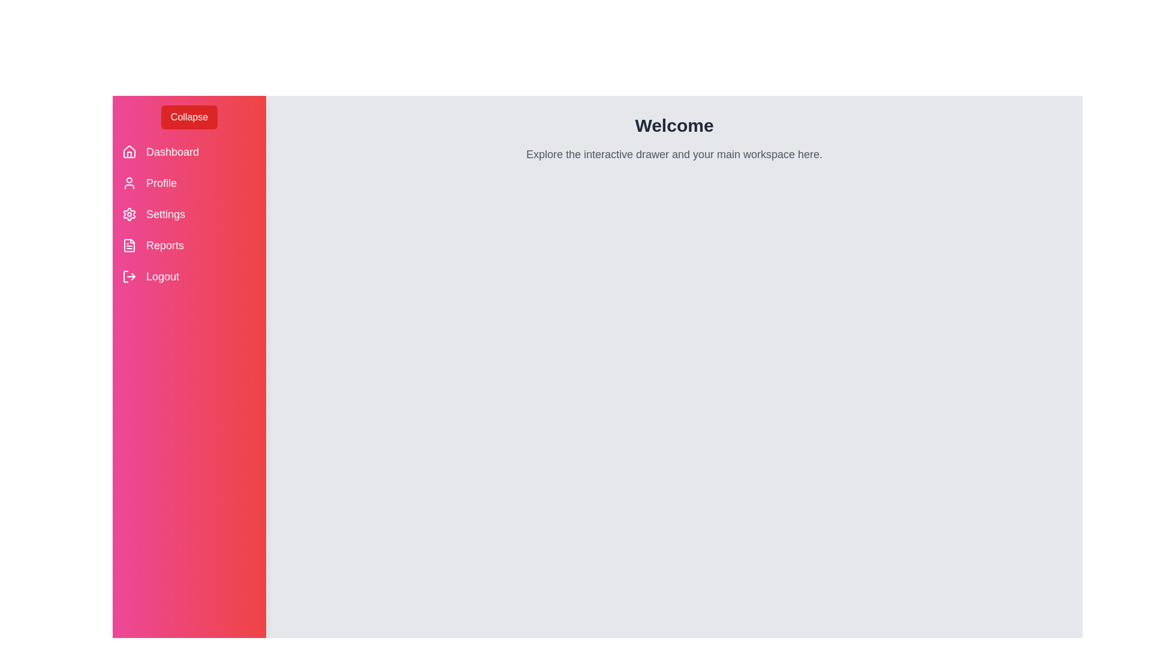 The width and height of the screenshot is (1151, 647). I want to click on the 'Reports' menu item to navigate to the reports section, so click(164, 244).